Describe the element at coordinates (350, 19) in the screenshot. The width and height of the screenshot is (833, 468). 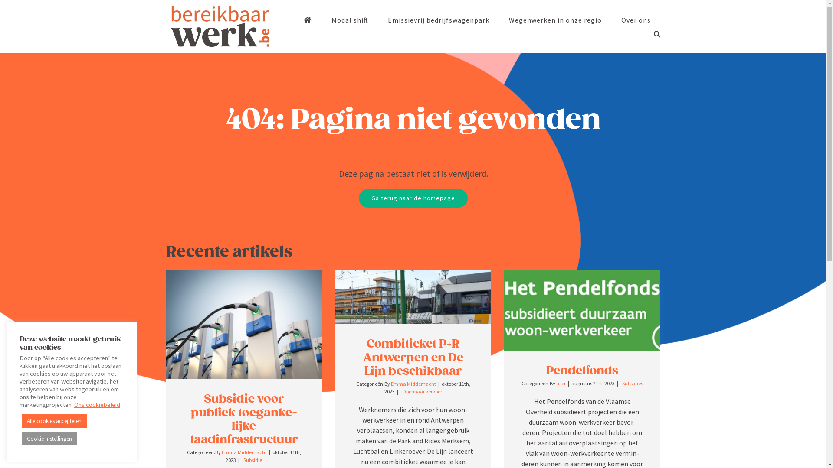
I see `'Modal shift'` at that location.